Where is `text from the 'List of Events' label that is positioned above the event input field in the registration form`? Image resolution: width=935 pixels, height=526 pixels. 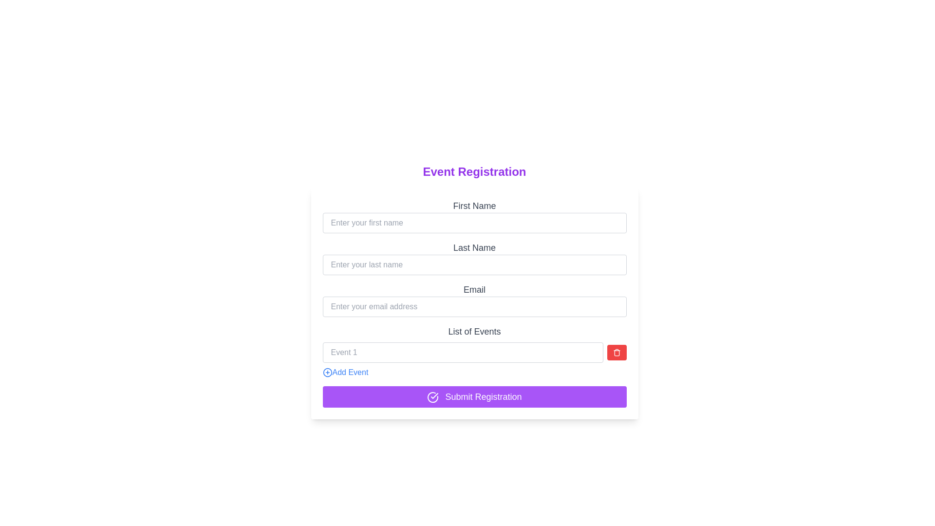
text from the 'List of Events' label that is positioned above the event input field in the registration form is located at coordinates (474, 331).